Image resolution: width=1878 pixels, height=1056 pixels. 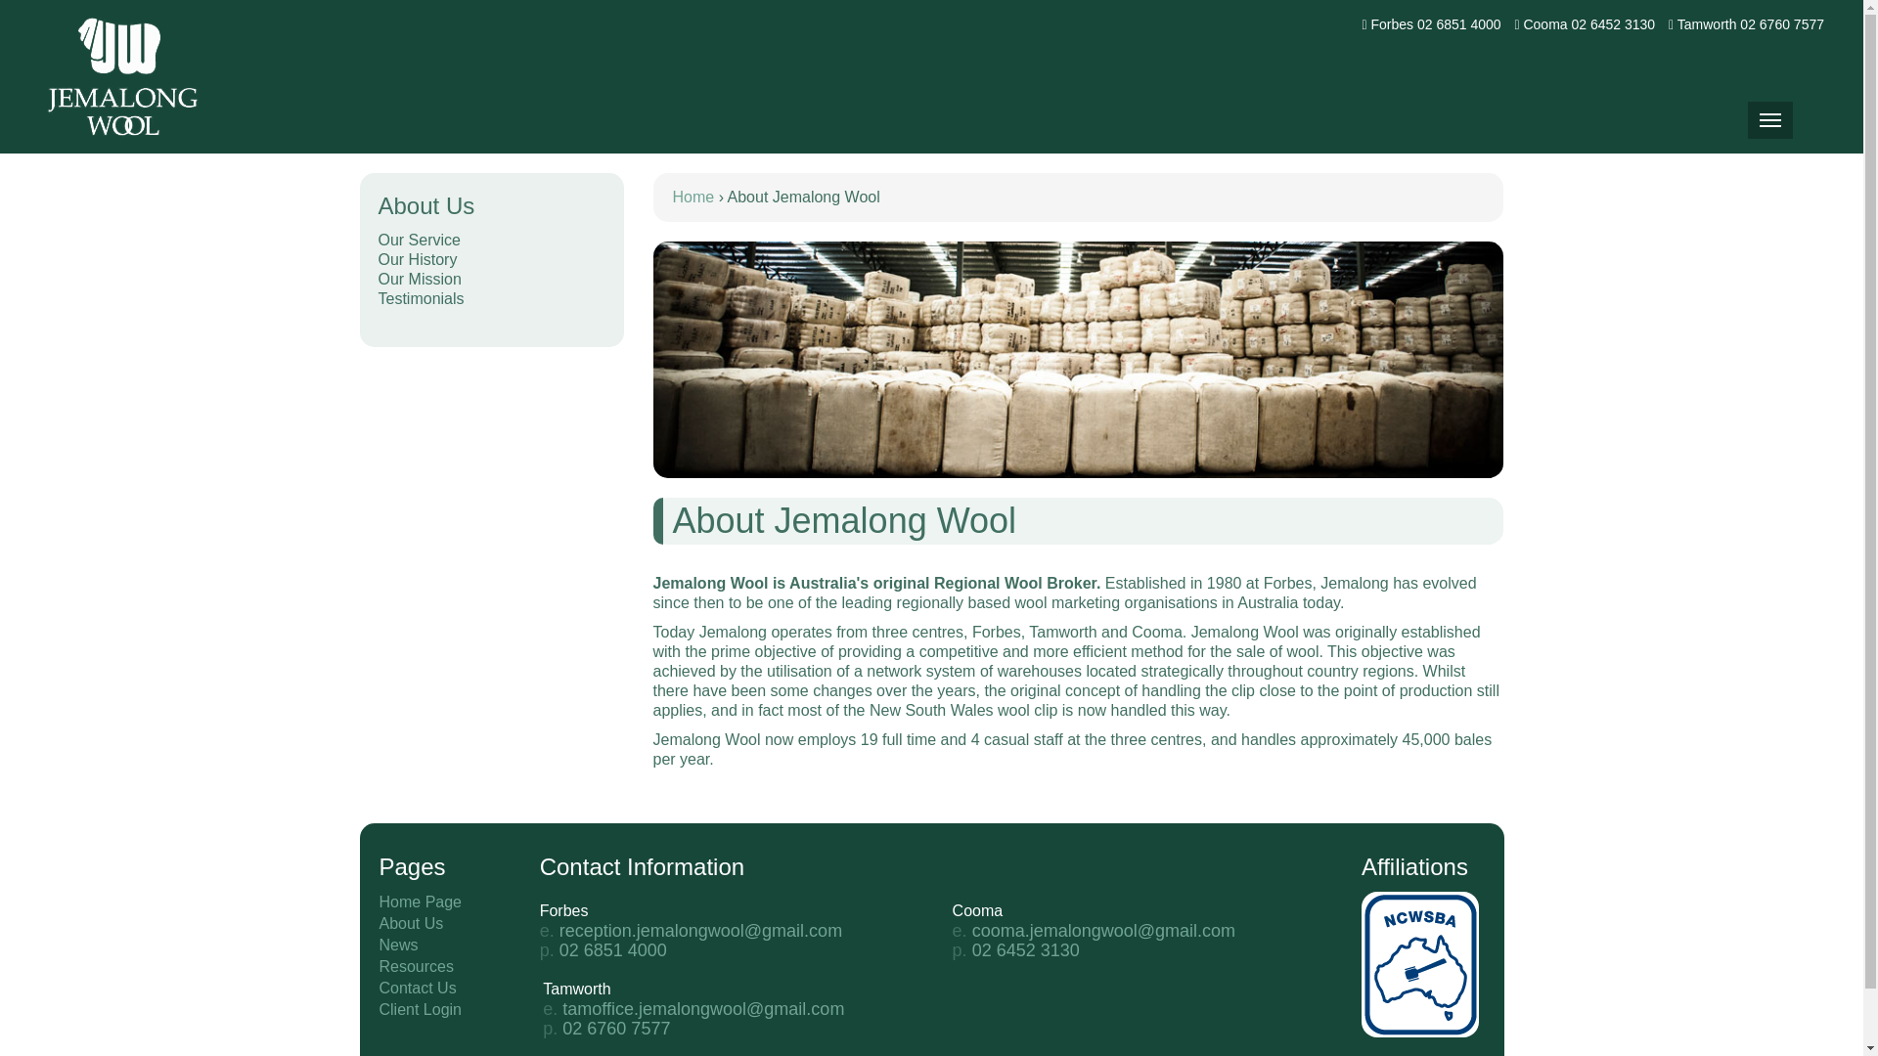 What do you see at coordinates (491, 279) in the screenshot?
I see `'Our Mission'` at bounding box center [491, 279].